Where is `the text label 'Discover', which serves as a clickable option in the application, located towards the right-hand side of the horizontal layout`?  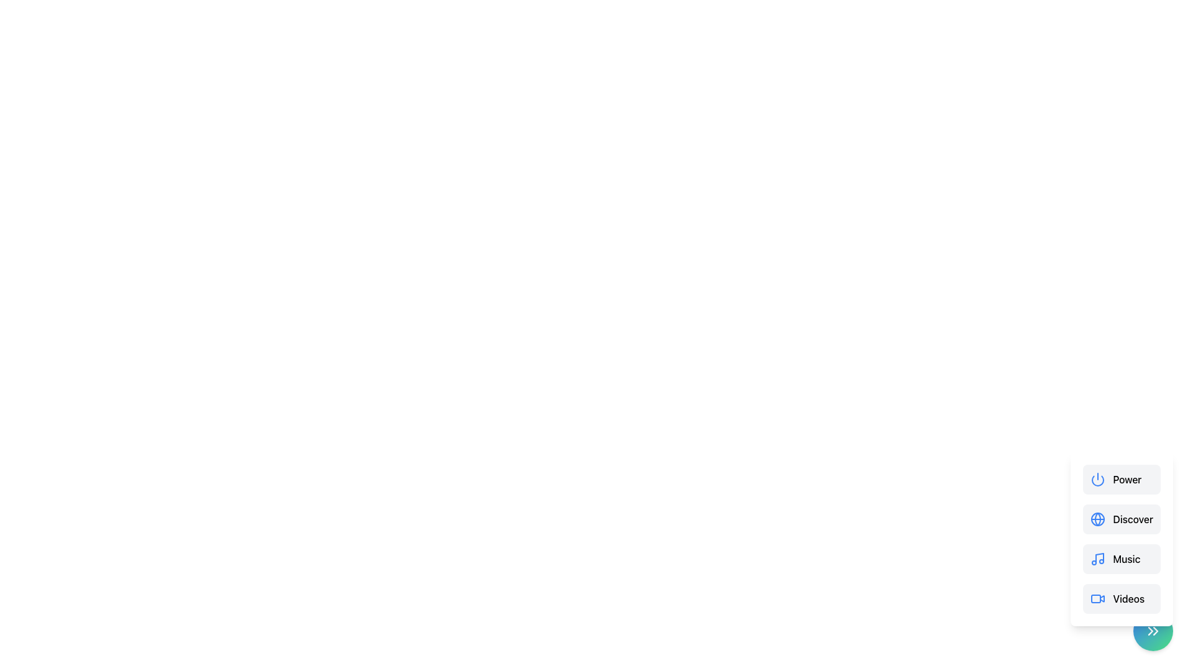
the text label 'Discover', which serves as a clickable option in the application, located towards the right-hand side of the horizontal layout is located at coordinates (1133, 519).